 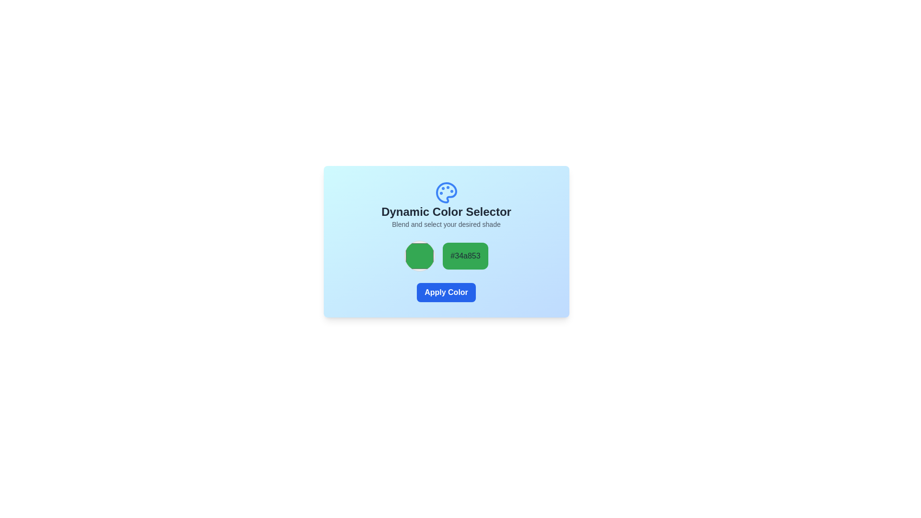 I want to click on the Label or Display Element that visually represents the color code '#34a853', located to the right of the circular color selector and above the 'Apply Color' button, so click(x=465, y=255).